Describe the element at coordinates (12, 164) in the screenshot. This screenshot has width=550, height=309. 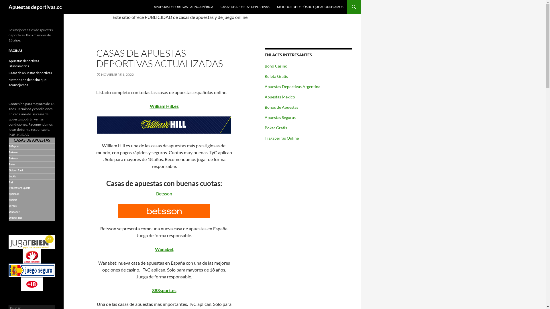
I see `'Bwin'` at that location.